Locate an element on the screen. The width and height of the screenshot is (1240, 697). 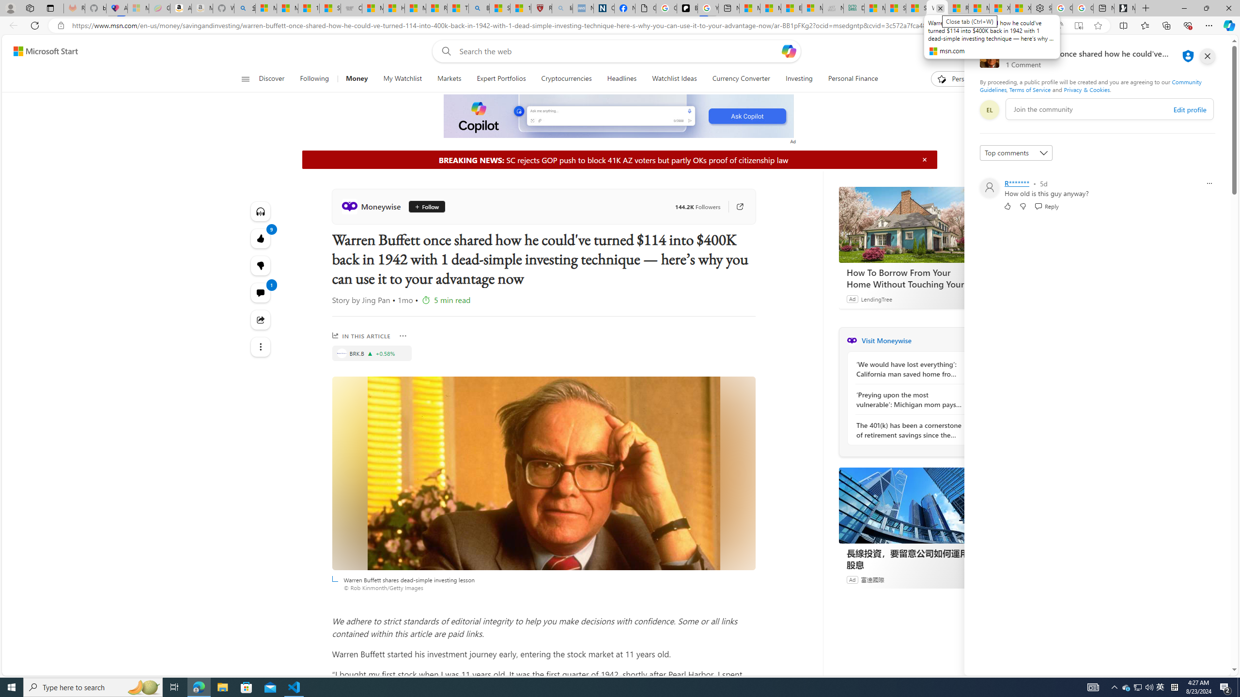
'comment-box' is located at coordinates (1109, 109).